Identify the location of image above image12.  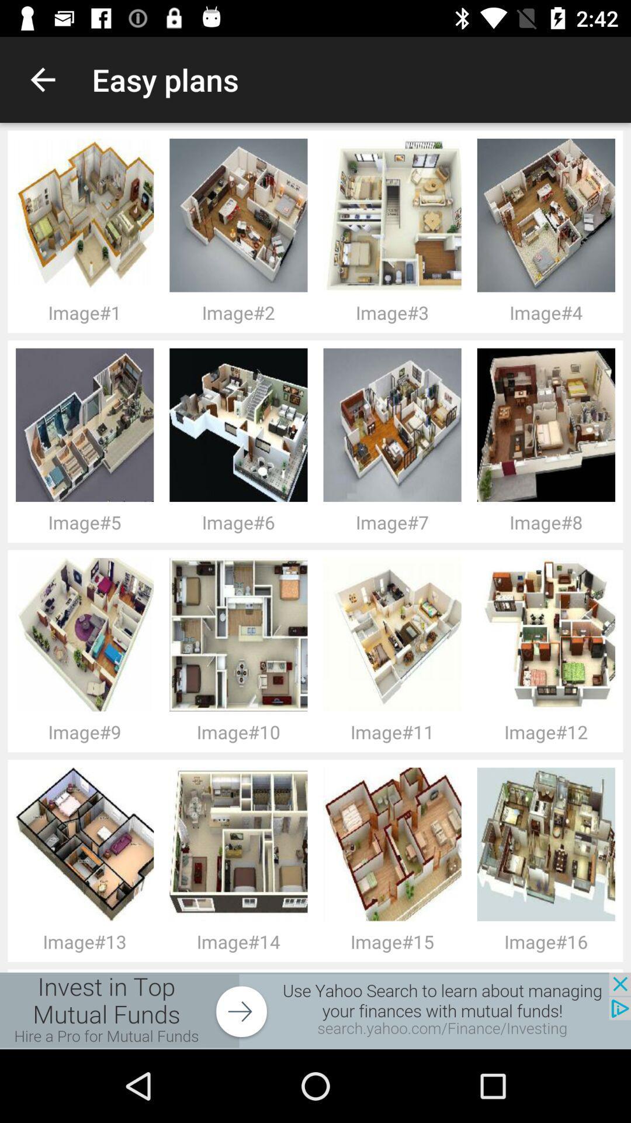
(550, 634).